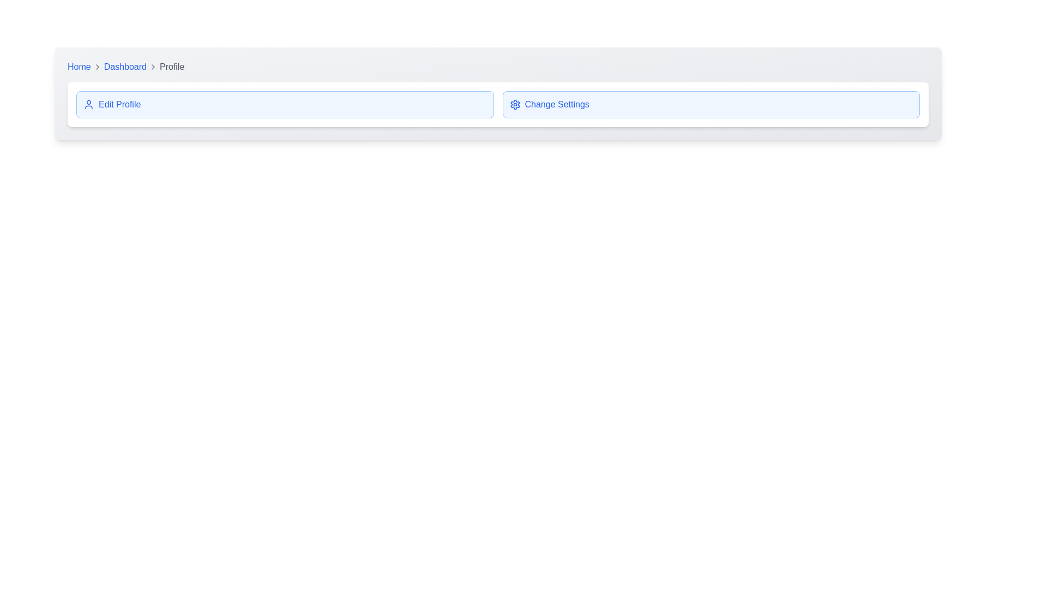  Describe the element at coordinates (130, 67) in the screenshot. I see `the breadcrumb hyperlink labeled 'Dashboard'` at that location.